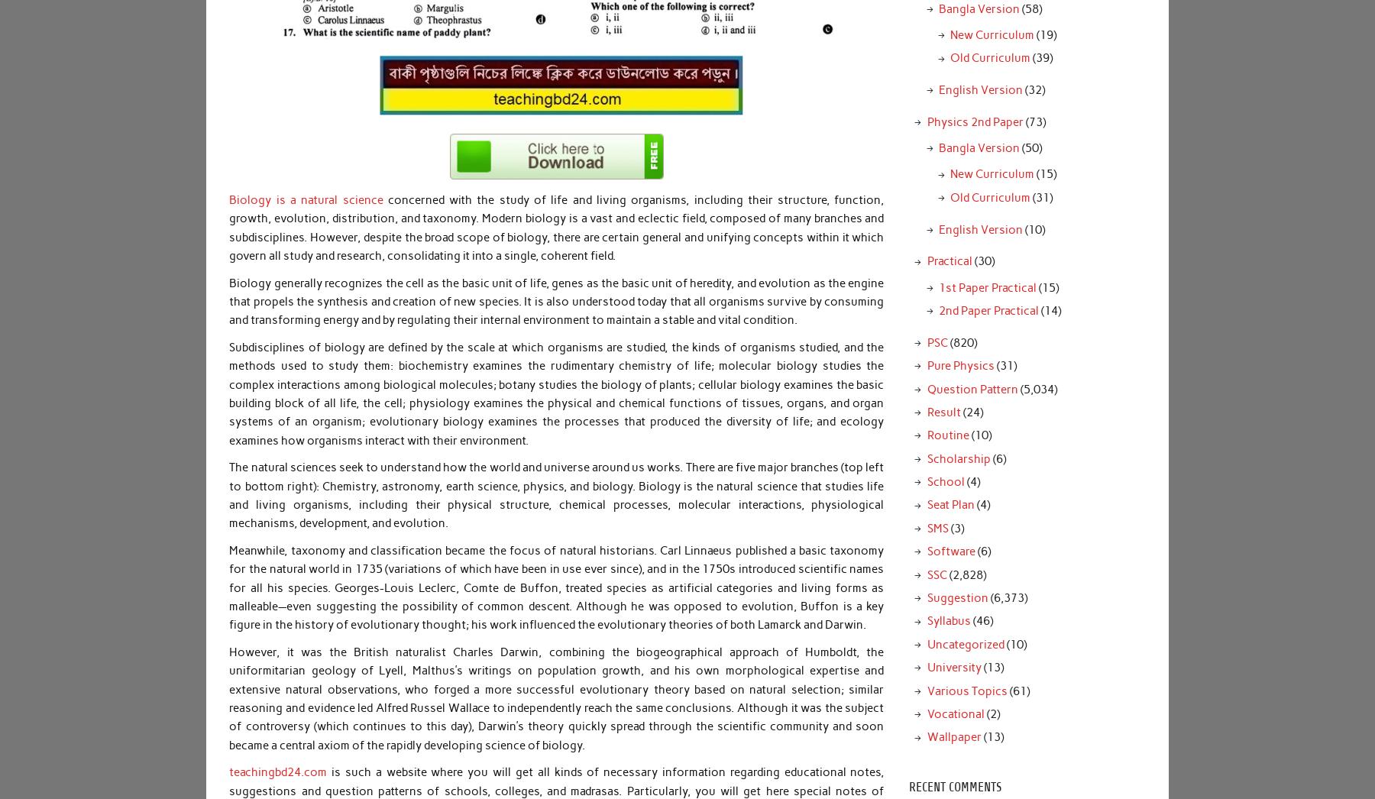  I want to click on '(32)', so click(1032, 89).